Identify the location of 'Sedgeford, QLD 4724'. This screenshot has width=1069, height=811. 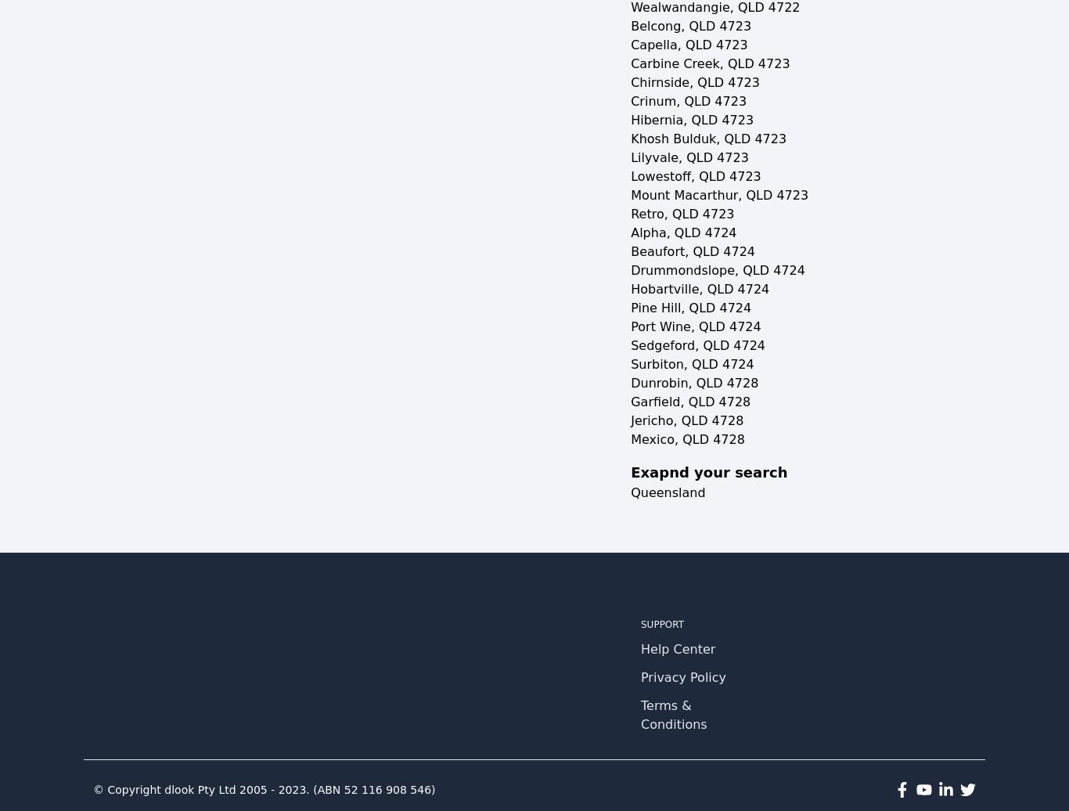
(696, 345).